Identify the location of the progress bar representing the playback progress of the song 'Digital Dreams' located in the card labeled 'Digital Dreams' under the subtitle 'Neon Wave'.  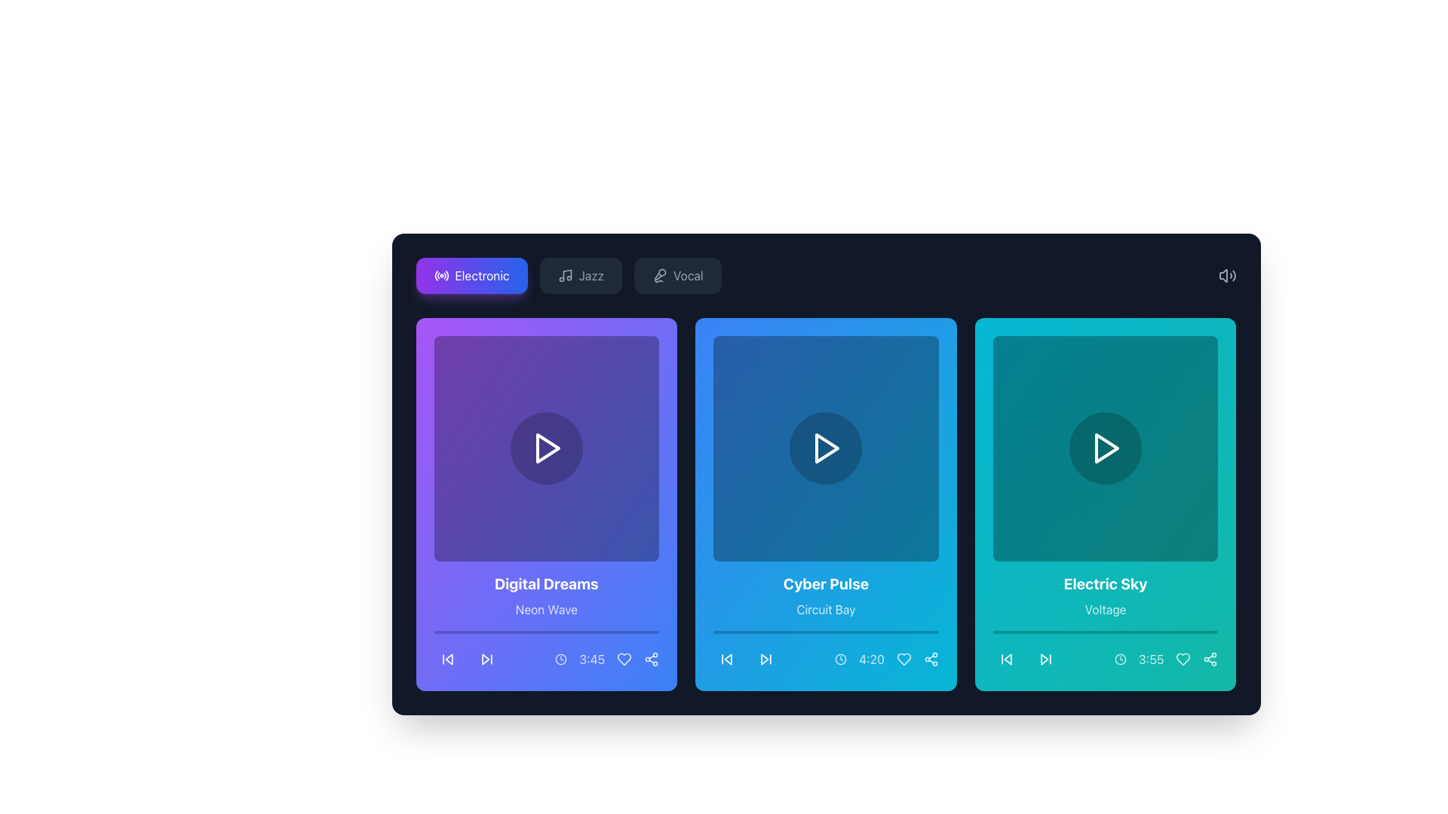
(545, 632).